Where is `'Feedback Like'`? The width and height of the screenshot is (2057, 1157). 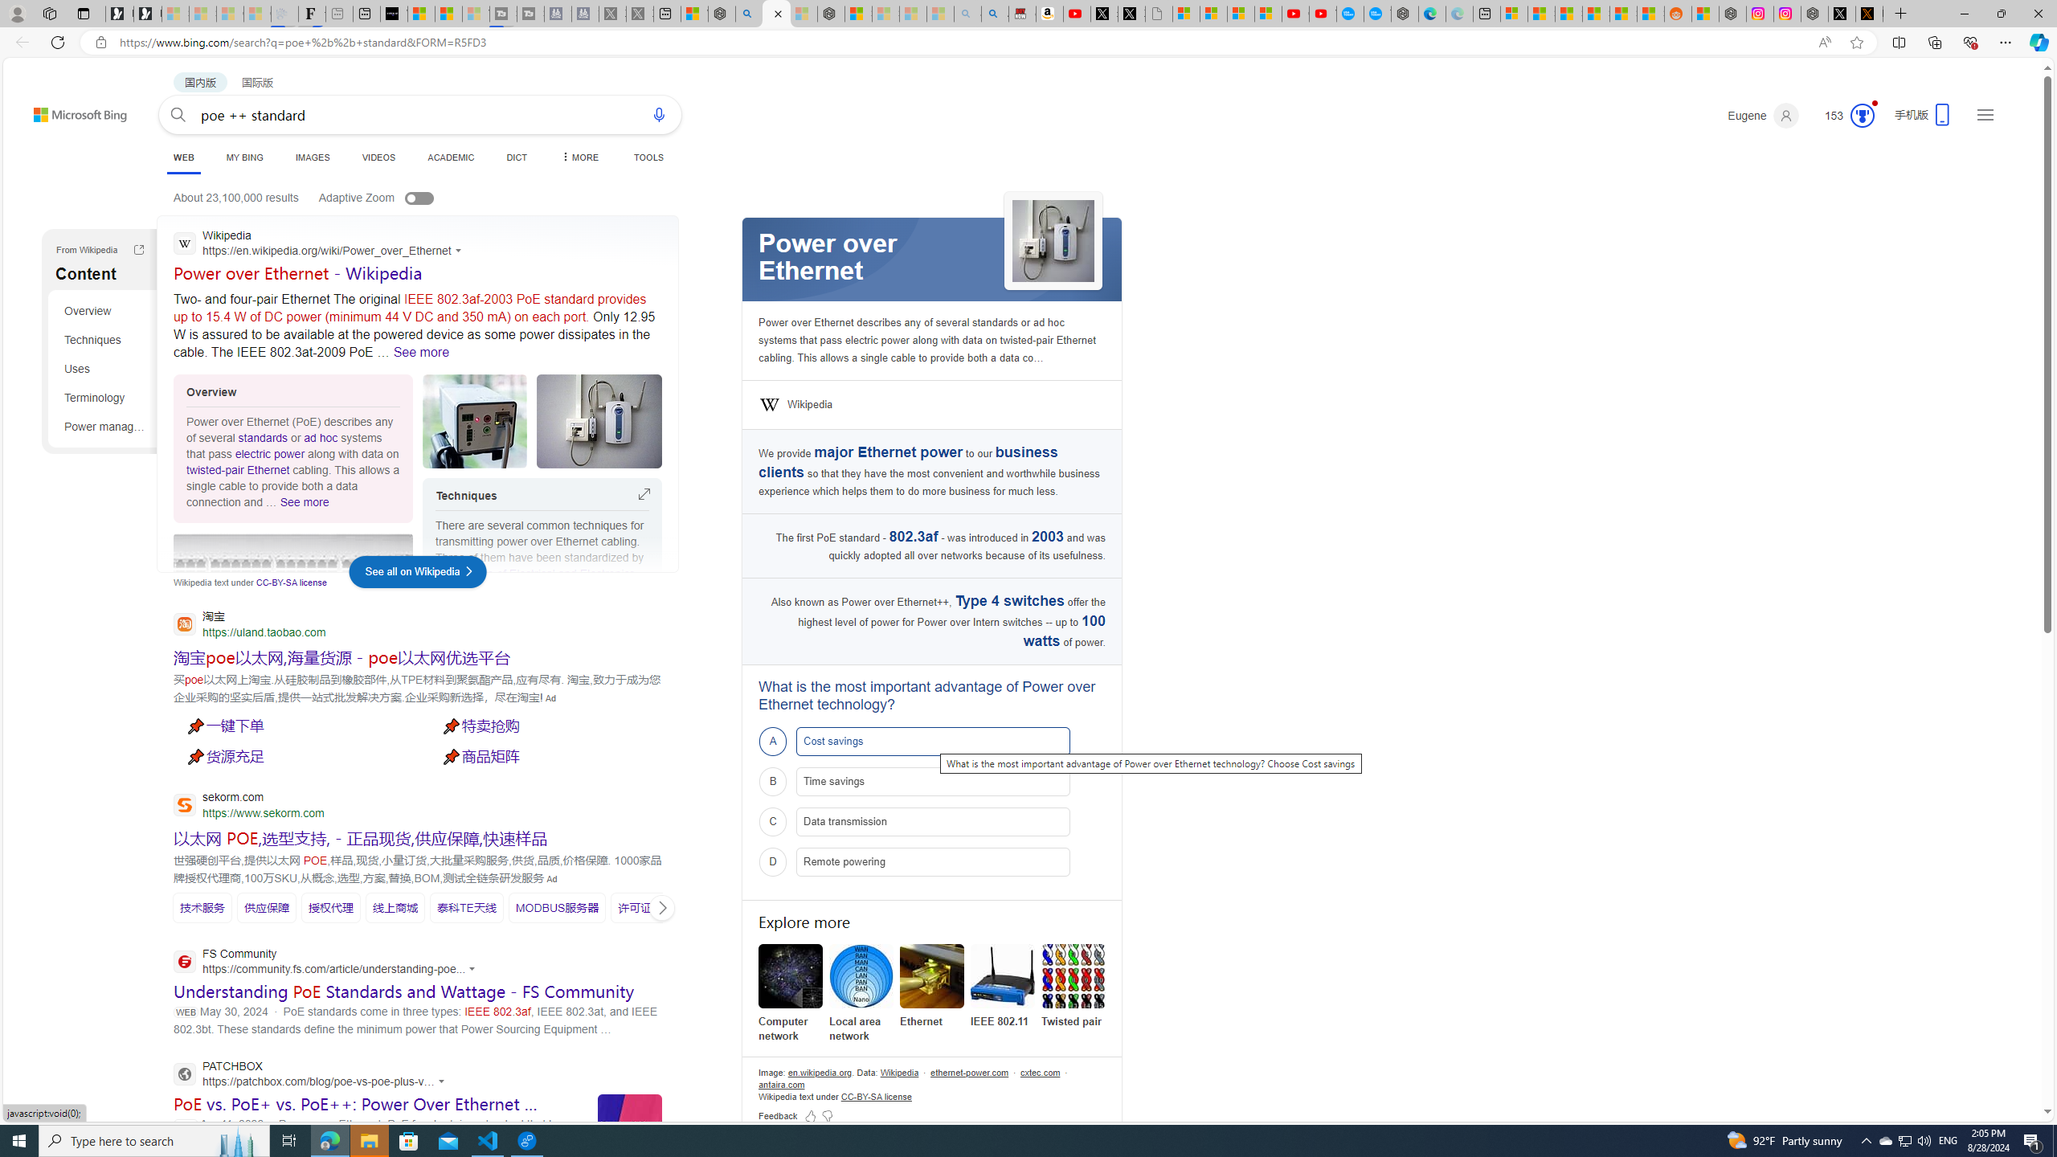 'Feedback Like' is located at coordinates (809, 1114).